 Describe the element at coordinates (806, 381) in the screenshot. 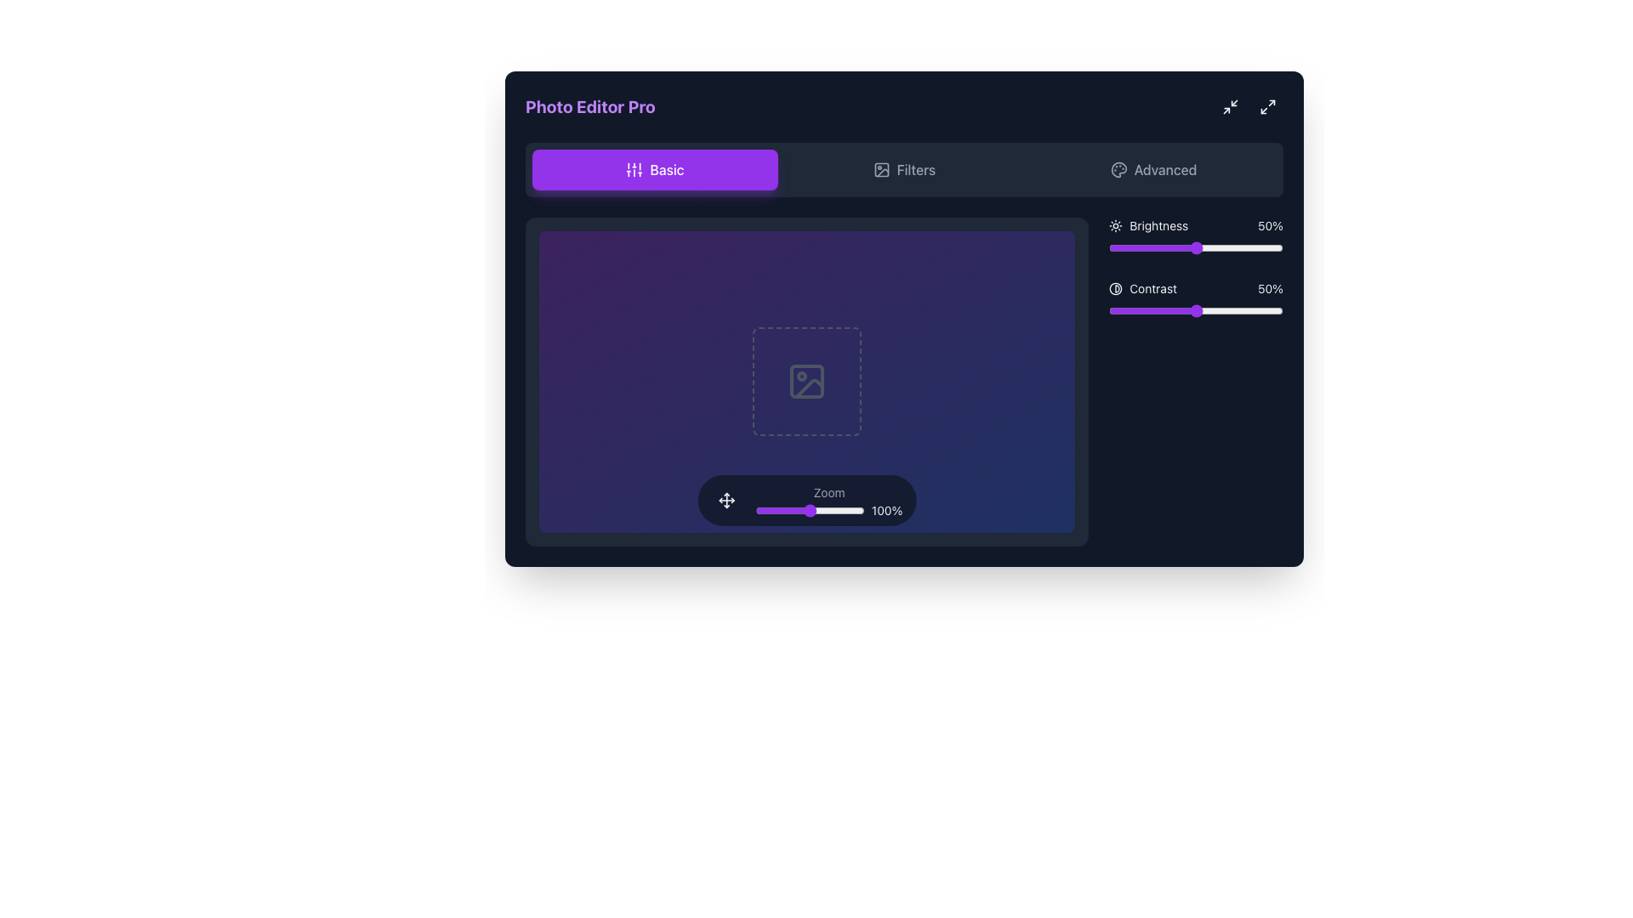

I see `the center of the image upload placeholder, which features a dashed border and an image icon of a mountain and sun, to initiate the image upload interaction` at that location.